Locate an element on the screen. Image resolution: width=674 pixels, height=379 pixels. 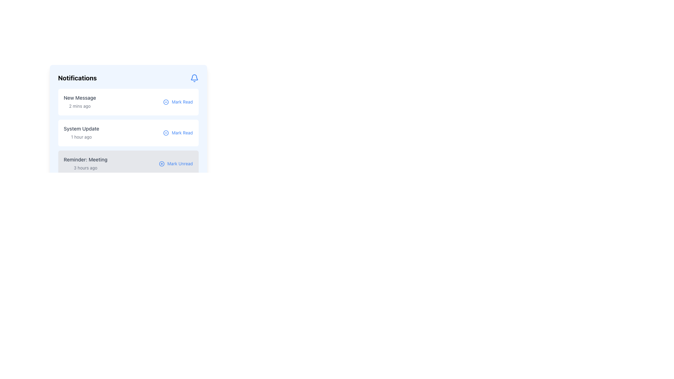
the circular button icon with a plus sign located to the left of the 'Mark Unread' text is located at coordinates (161, 164).